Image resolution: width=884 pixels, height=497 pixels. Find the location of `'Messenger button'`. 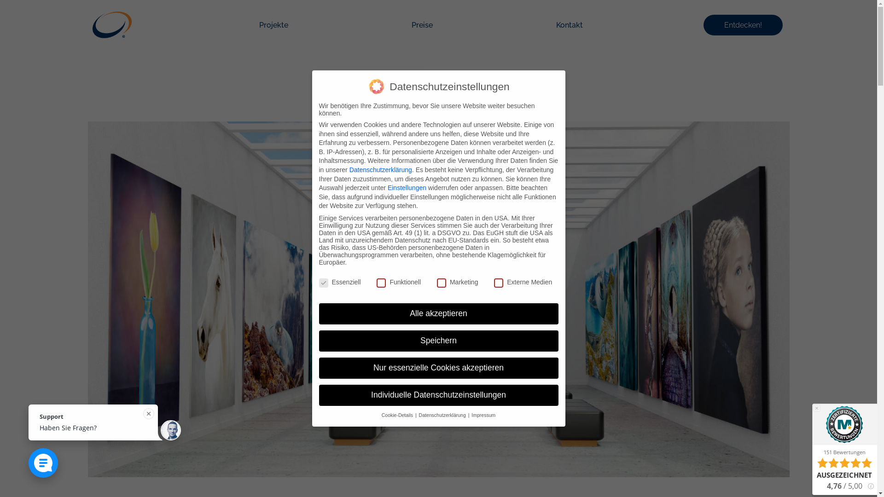

'Messenger button' is located at coordinates (43, 463).